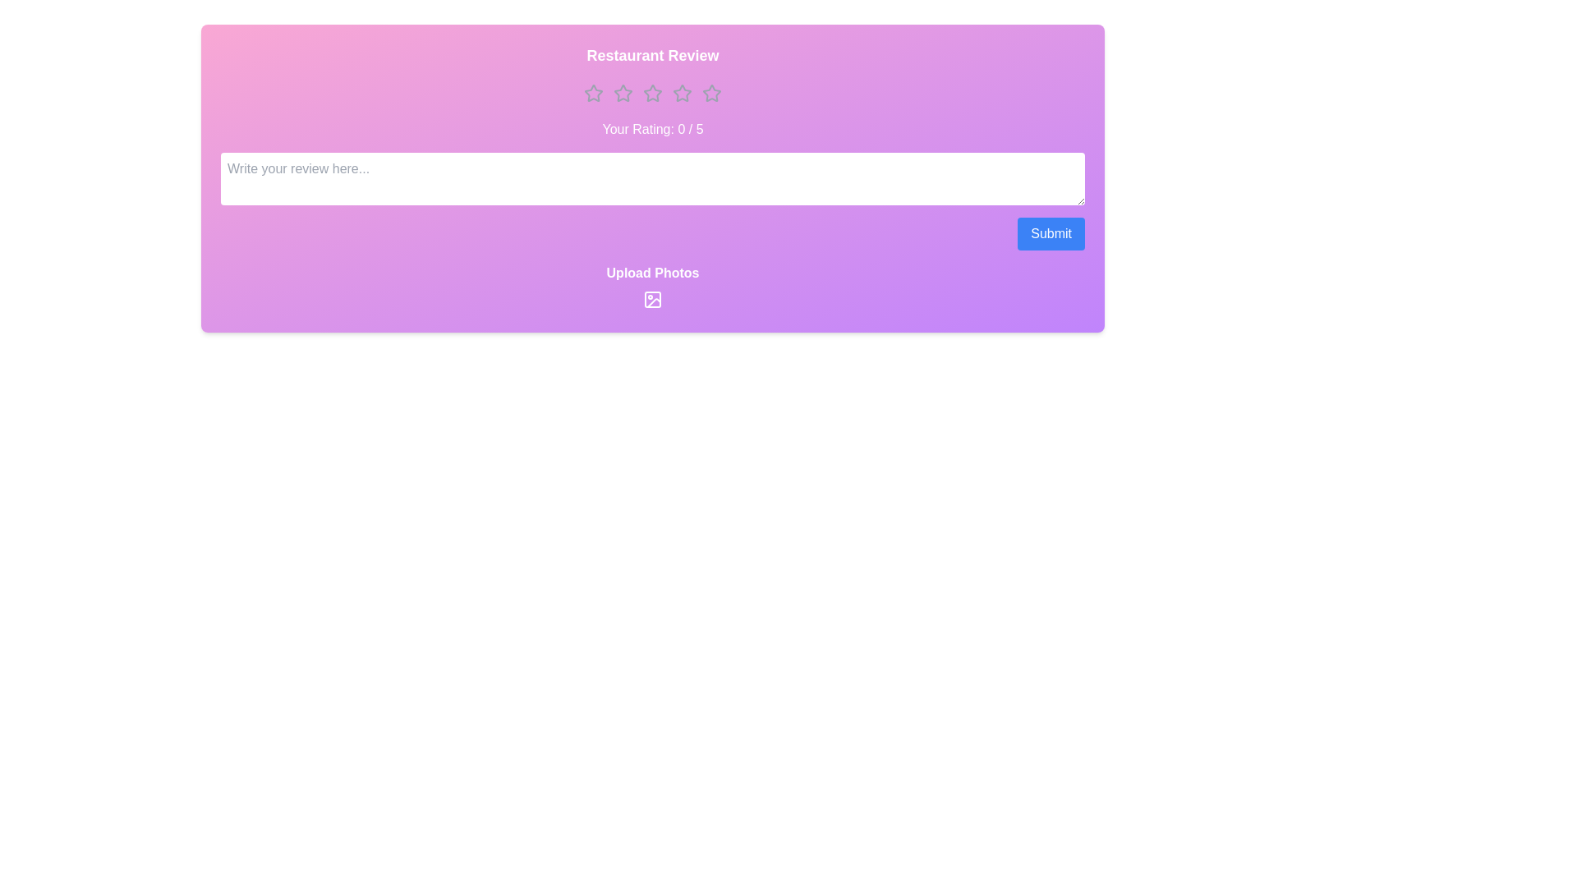 This screenshot has height=887, width=1577. I want to click on the upload photos icon to open the file selection dialog, so click(652, 300).